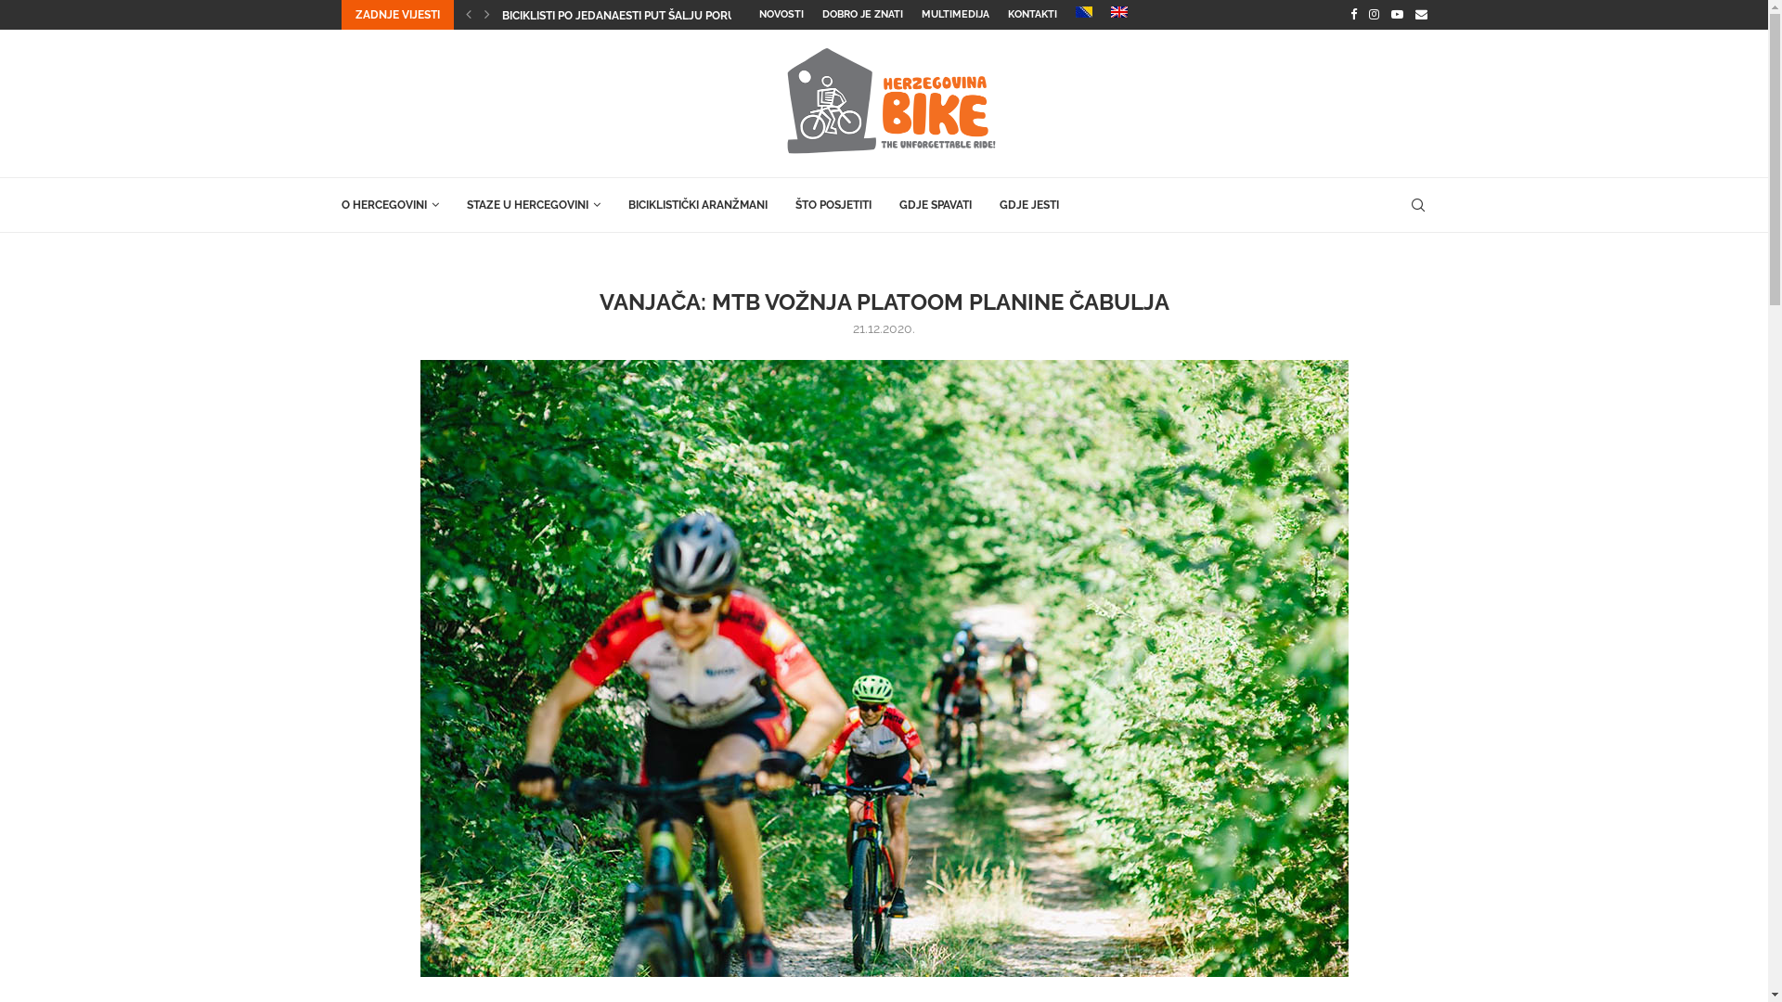 The height and width of the screenshot is (1002, 1782). Describe the element at coordinates (954, 14) in the screenshot. I see `'MULTIMEDIJA'` at that location.